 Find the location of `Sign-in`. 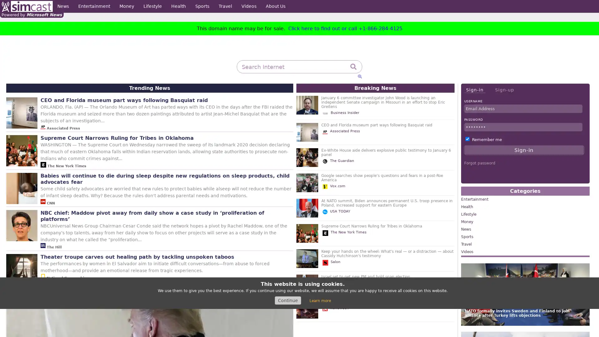

Sign-in is located at coordinates (474, 90).